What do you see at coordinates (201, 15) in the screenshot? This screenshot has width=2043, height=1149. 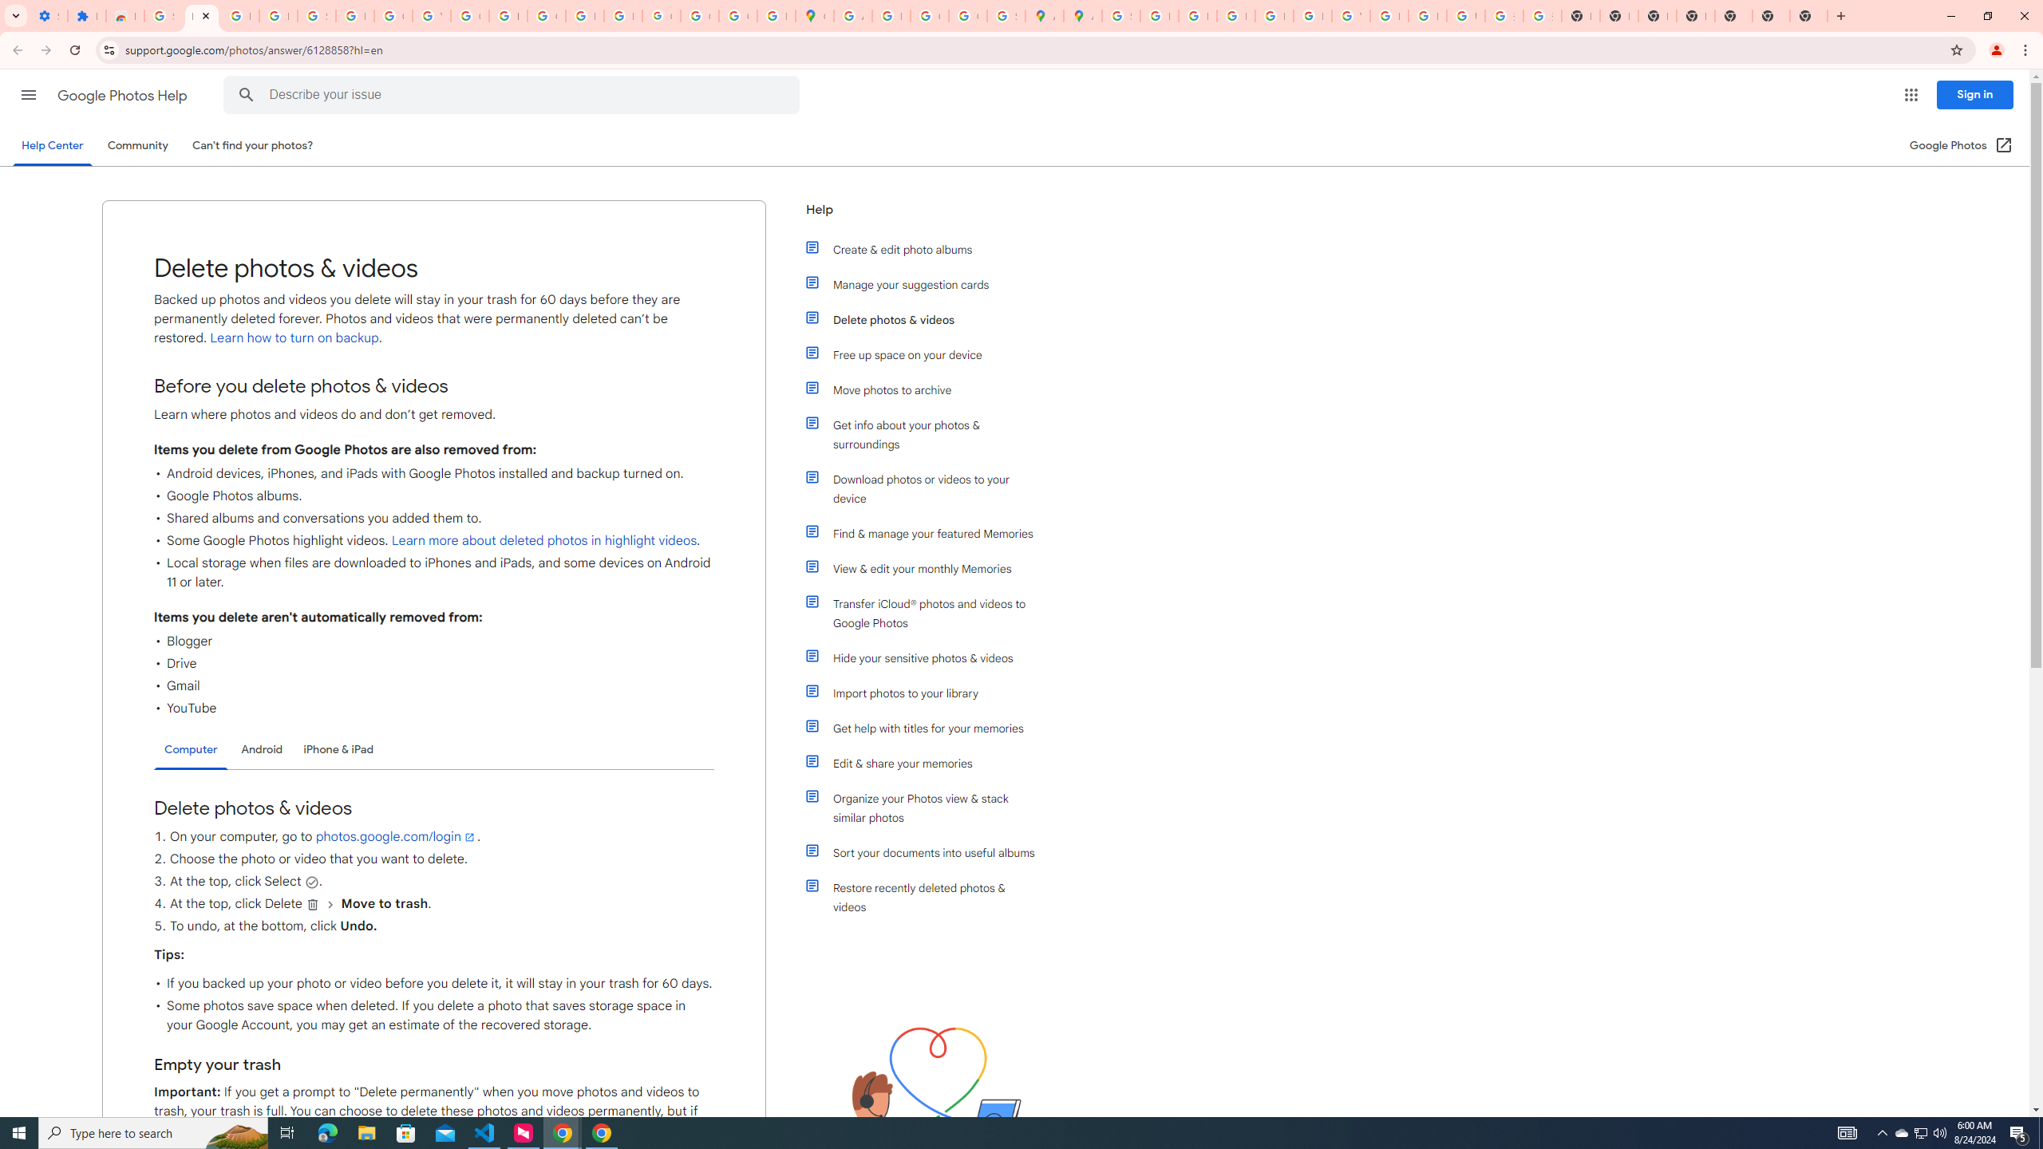 I see `'Delete photos & videos - Computer - Google Photos Help'` at bounding box center [201, 15].